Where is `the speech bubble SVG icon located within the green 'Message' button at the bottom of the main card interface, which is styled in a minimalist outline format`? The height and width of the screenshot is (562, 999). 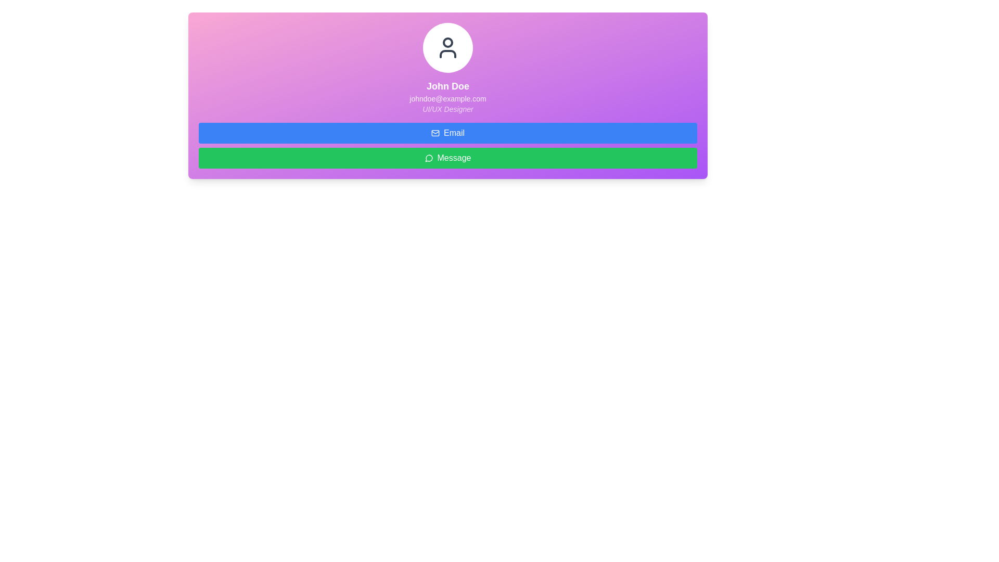 the speech bubble SVG icon located within the green 'Message' button at the bottom of the main card interface, which is styled in a minimalist outline format is located at coordinates (429, 158).